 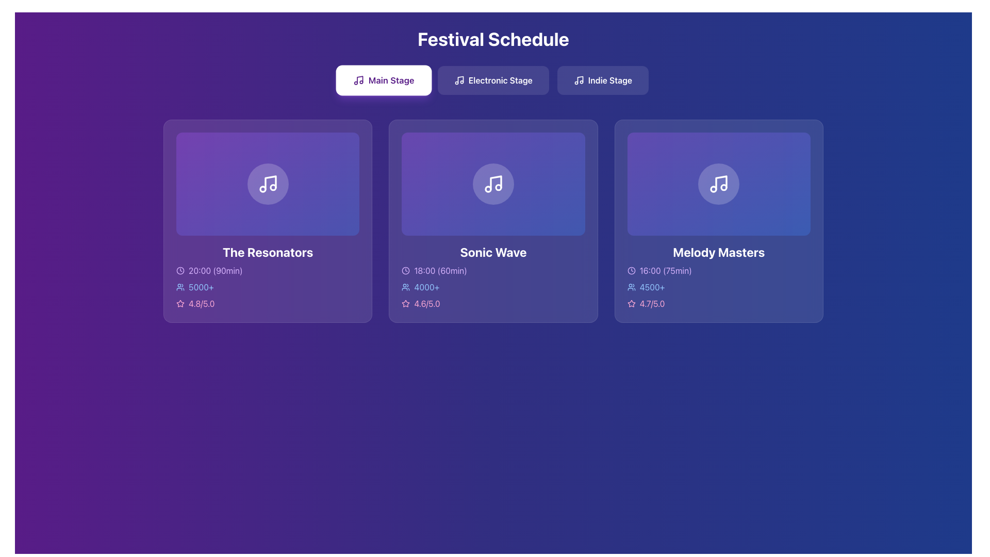 I want to click on the artistic representation of the musical note icon located in the circular area at the upper center of the second card from the right, so click(x=721, y=182).